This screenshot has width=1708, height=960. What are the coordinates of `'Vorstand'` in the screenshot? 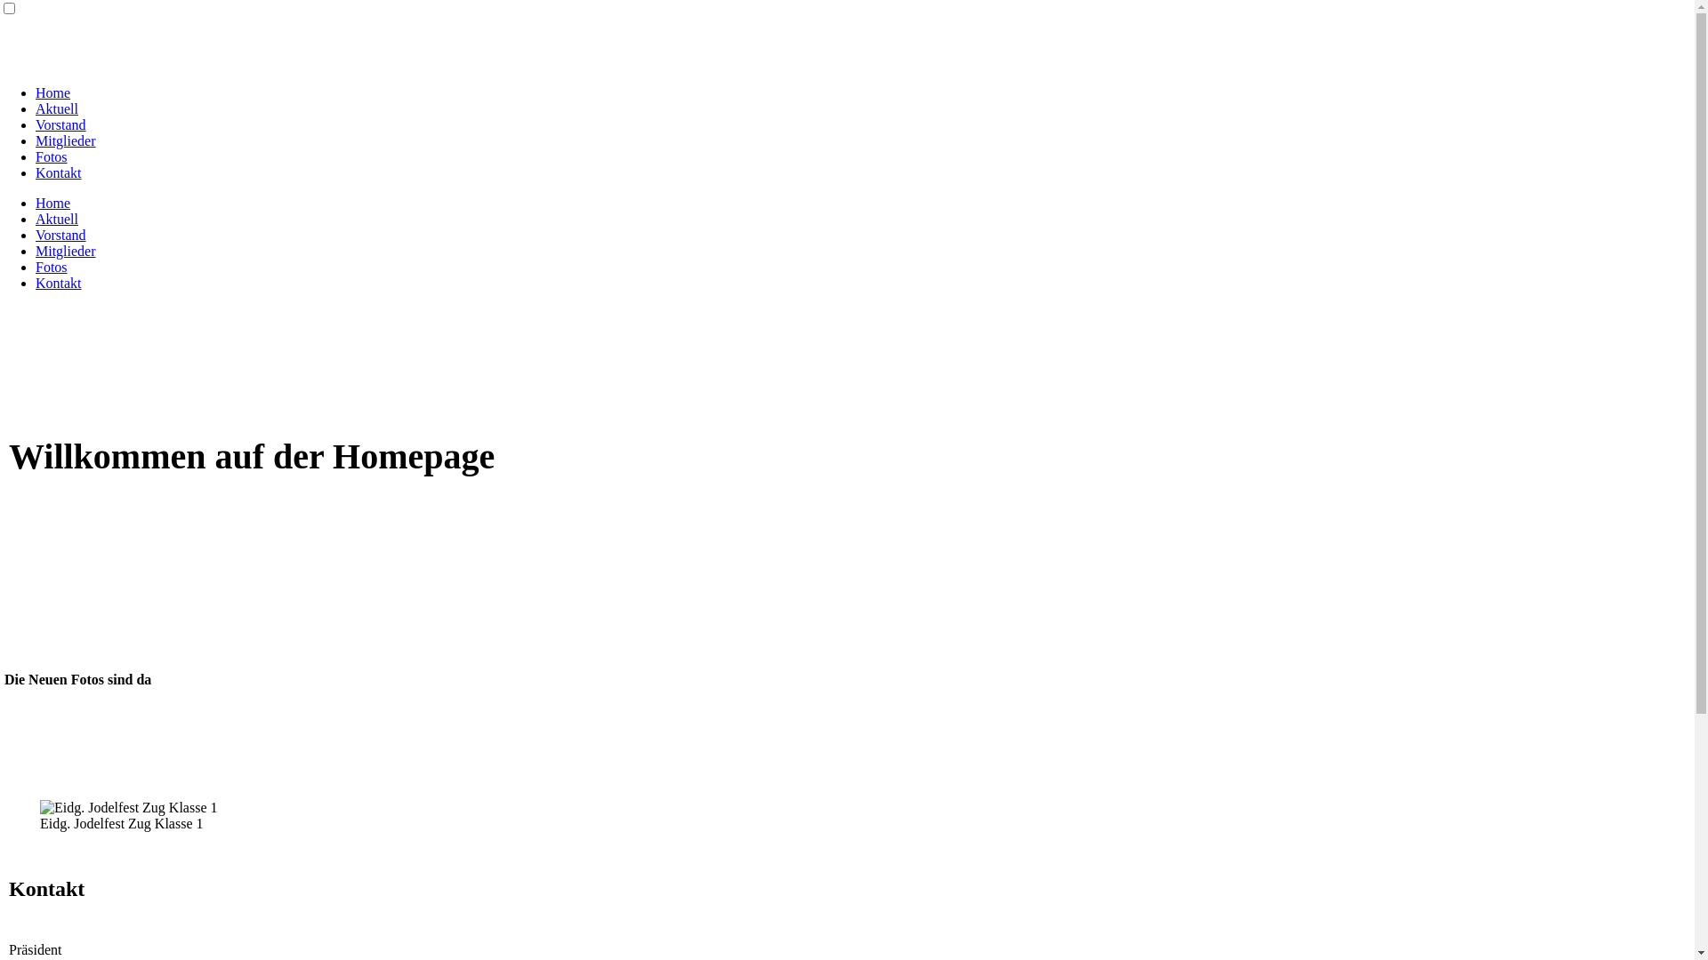 It's located at (35, 234).